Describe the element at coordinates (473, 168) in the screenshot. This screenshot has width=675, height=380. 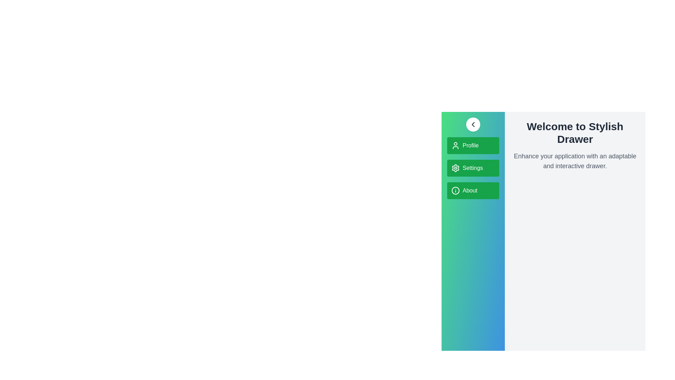
I see `the menu item Settings in the StylishDrawer` at that location.